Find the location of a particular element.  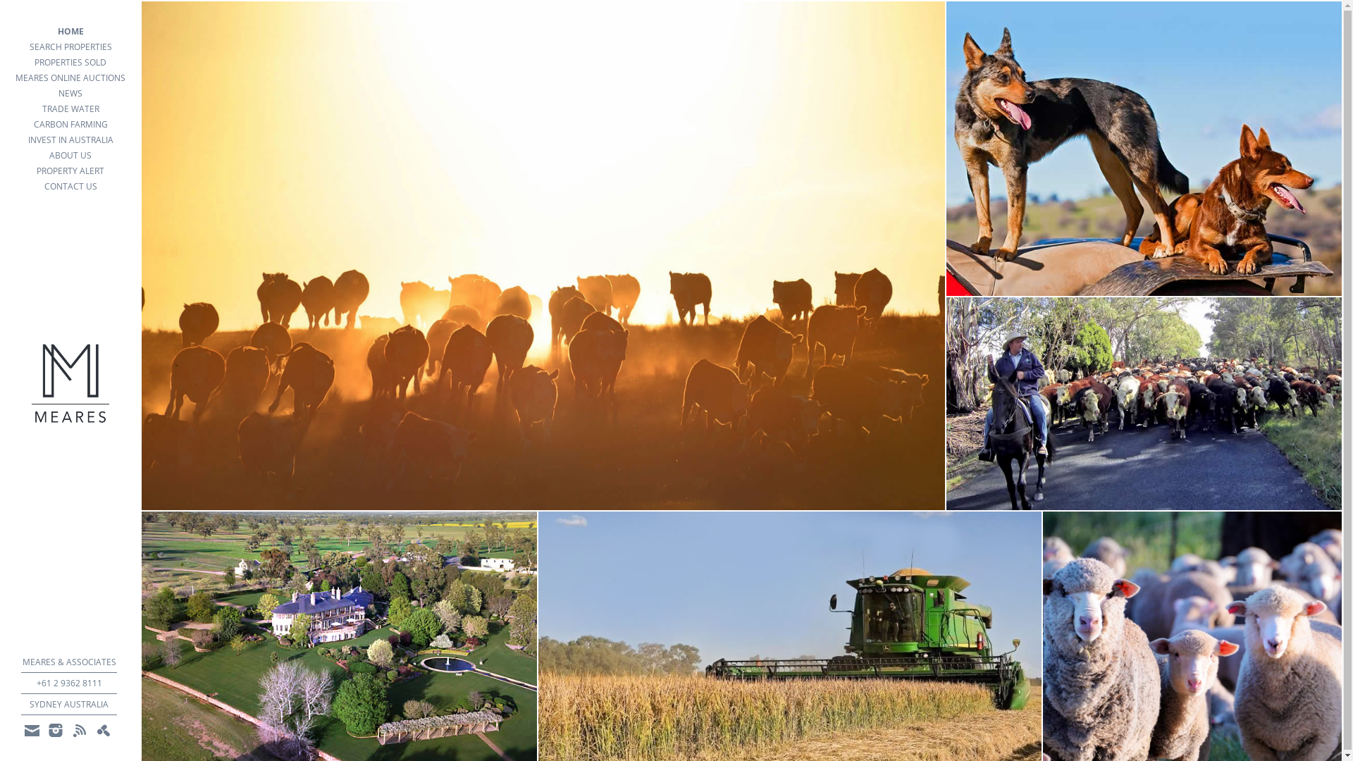

'NEWS' is located at coordinates (70, 93).